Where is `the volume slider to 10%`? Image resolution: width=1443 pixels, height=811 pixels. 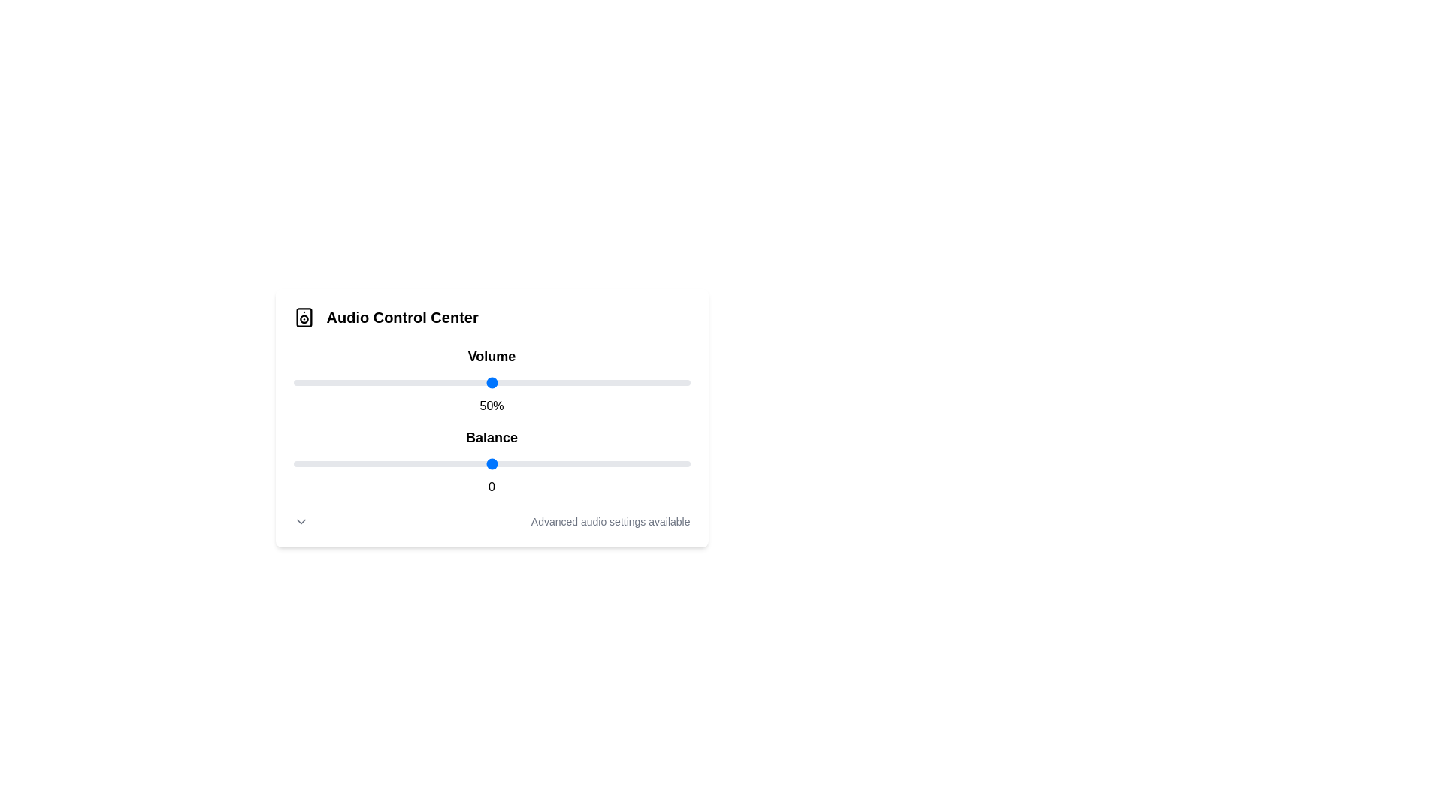
the volume slider to 10% is located at coordinates (332, 381).